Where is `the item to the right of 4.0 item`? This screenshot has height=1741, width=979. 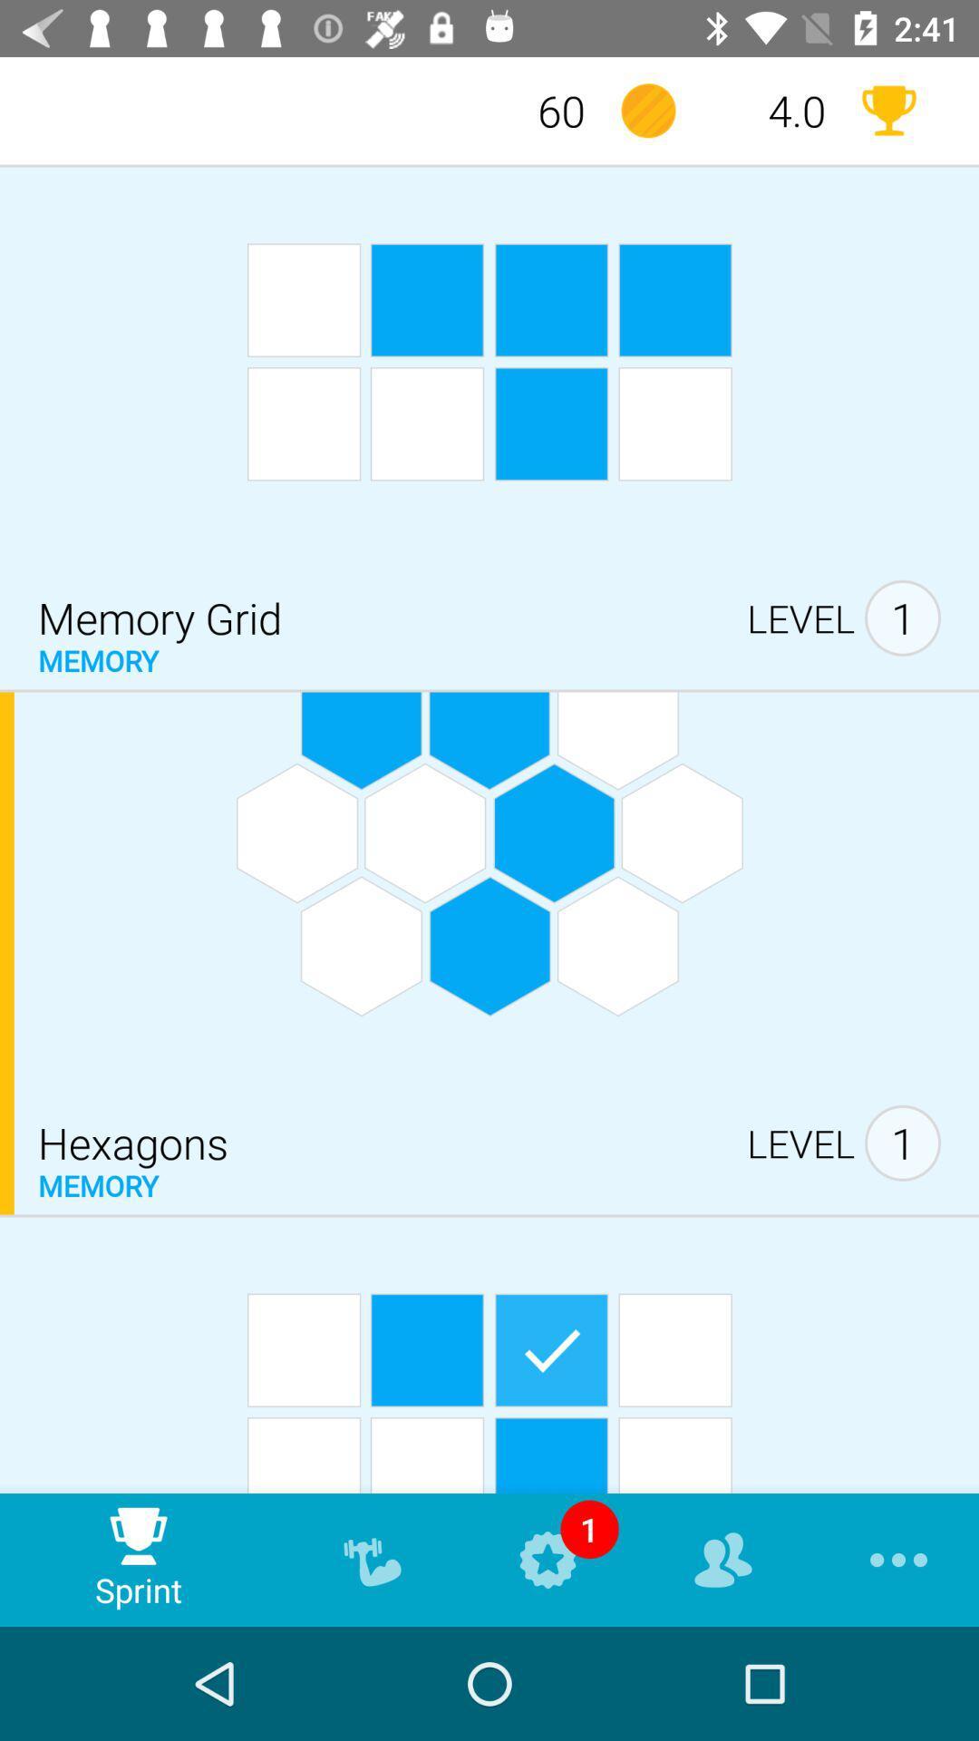
the item to the right of 4.0 item is located at coordinates (887, 110).